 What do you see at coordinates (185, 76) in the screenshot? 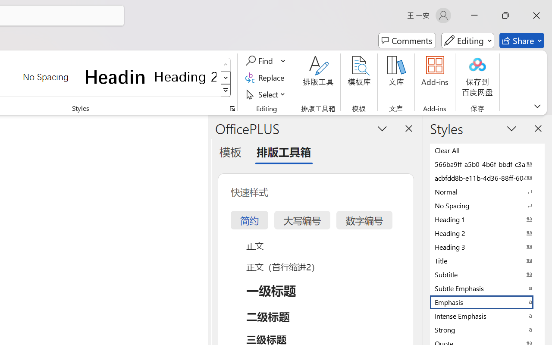
I see `'Heading 2'` at bounding box center [185, 76].